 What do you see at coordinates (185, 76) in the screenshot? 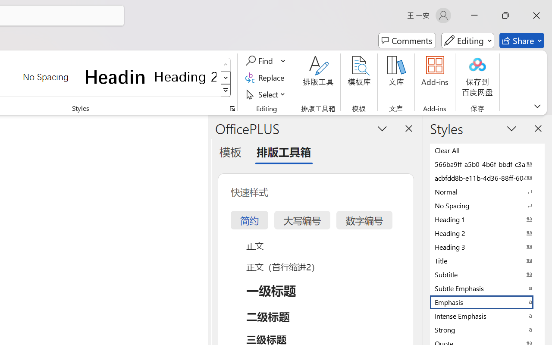
I see `'Heading 2'` at bounding box center [185, 76].